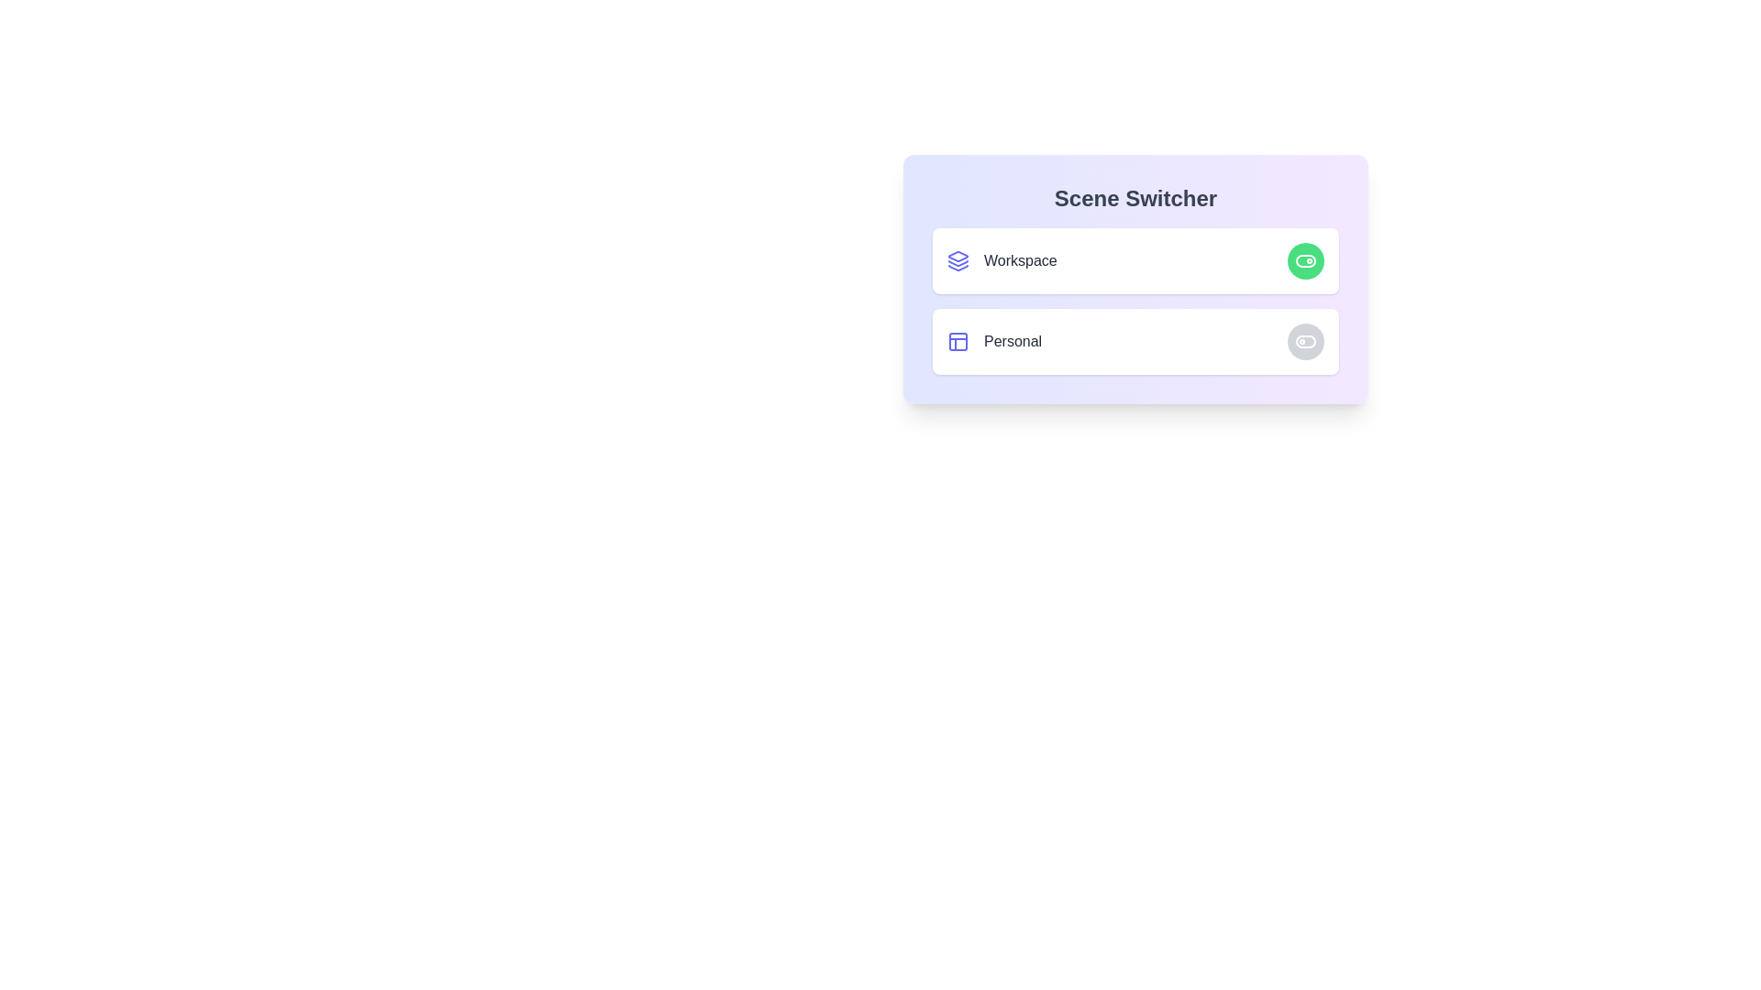 This screenshot has height=990, width=1761. What do you see at coordinates (958, 257) in the screenshot?
I see `the topmost triangular shape of the layers icon in the workspace settings list, which is located in the top-left corner of the entry` at bounding box center [958, 257].